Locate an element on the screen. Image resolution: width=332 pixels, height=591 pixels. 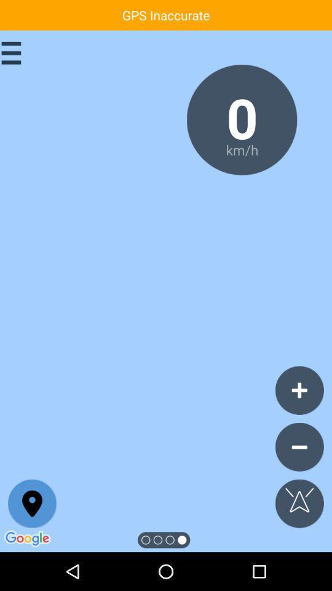
the add icon is located at coordinates (299, 390).